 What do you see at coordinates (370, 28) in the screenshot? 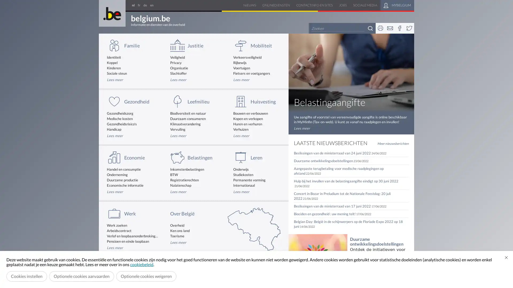
I see `Search` at bounding box center [370, 28].